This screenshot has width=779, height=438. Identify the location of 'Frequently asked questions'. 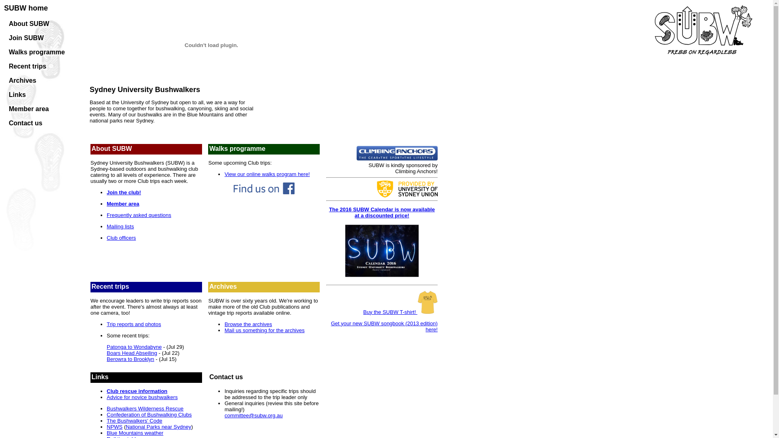
(106, 215).